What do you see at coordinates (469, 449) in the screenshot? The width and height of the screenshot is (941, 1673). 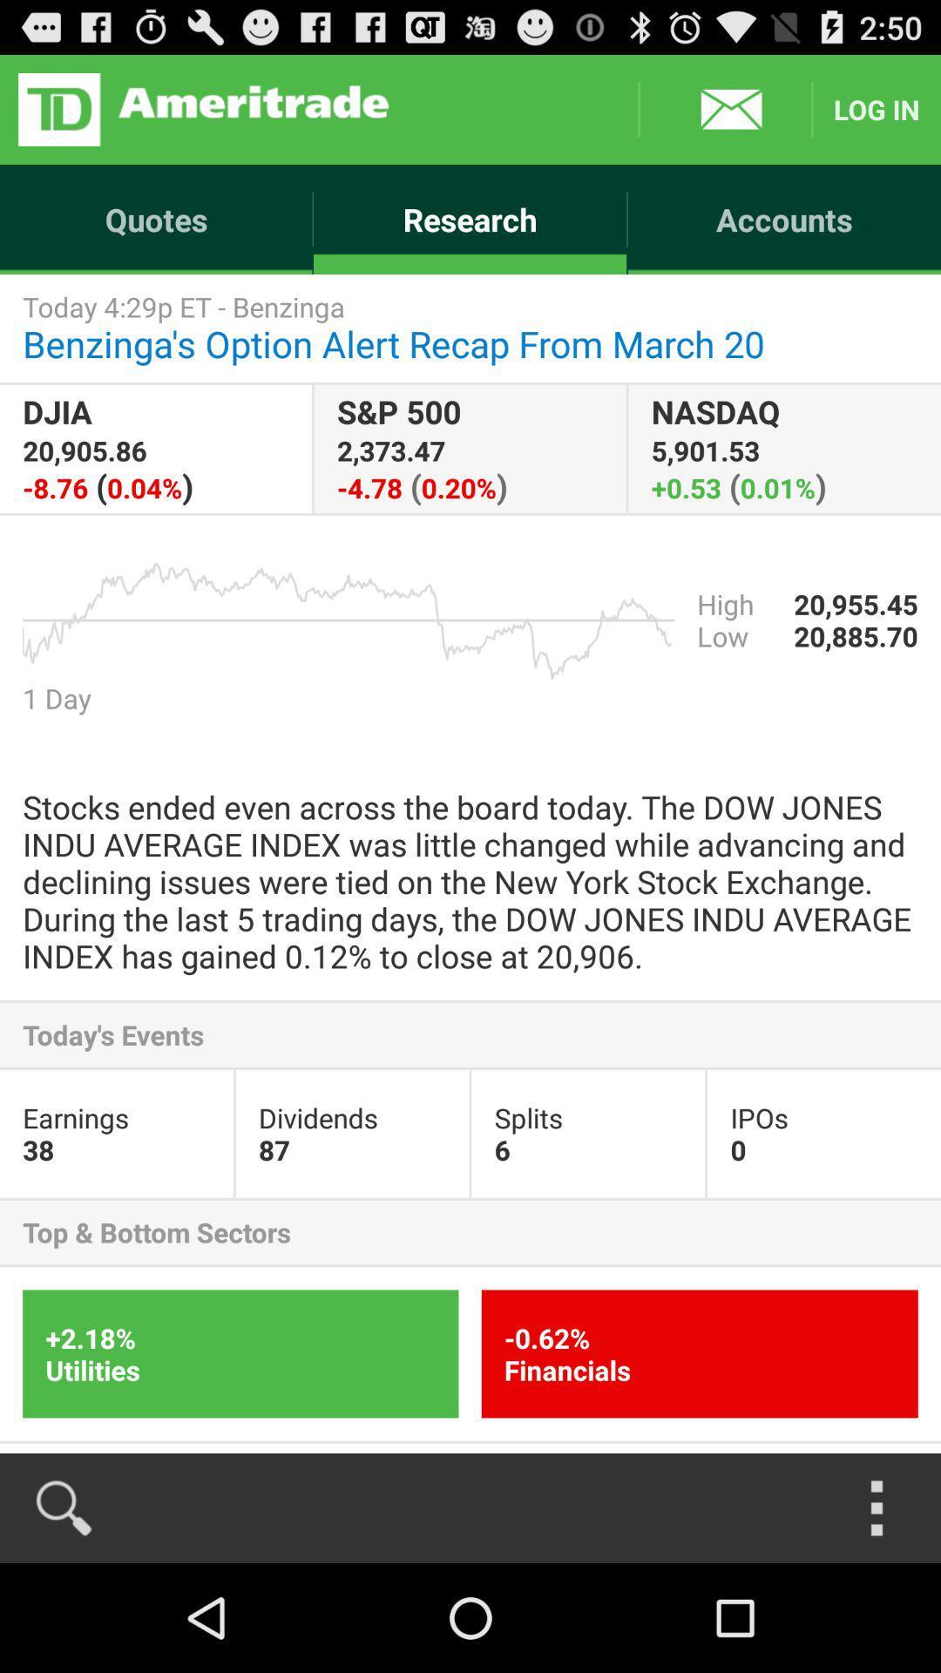 I see `the item next to the nasdaq 5 901 app` at bounding box center [469, 449].